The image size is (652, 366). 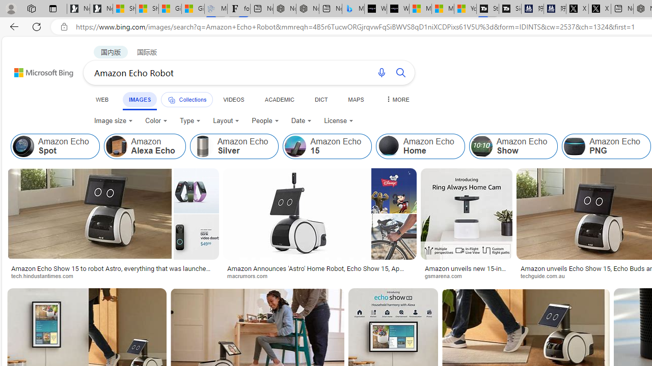 I want to click on 'Amazon Echo Silver', so click(x=202, y=146).